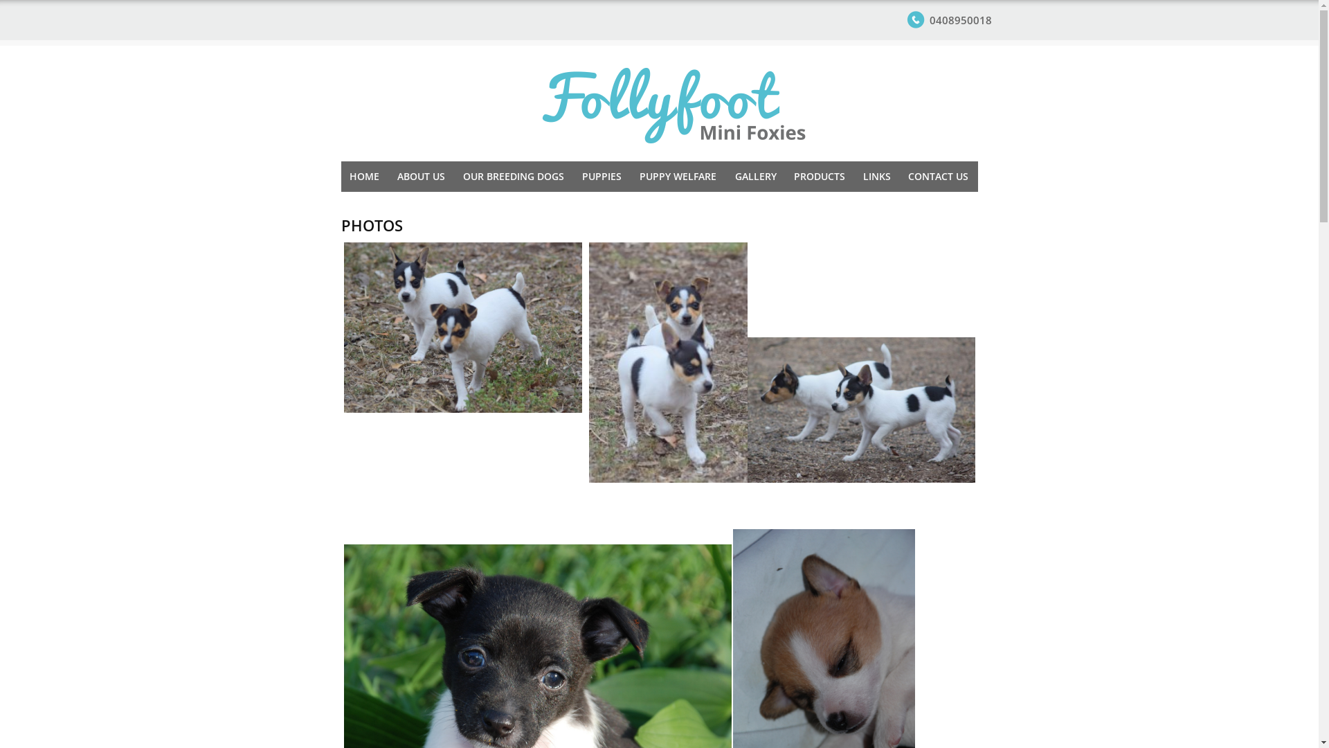 The image size is (1329, 748). What do you see at coordinates (364, 175) in the screenshot?
I see `'HOME'` at bounding box center [364, 175].